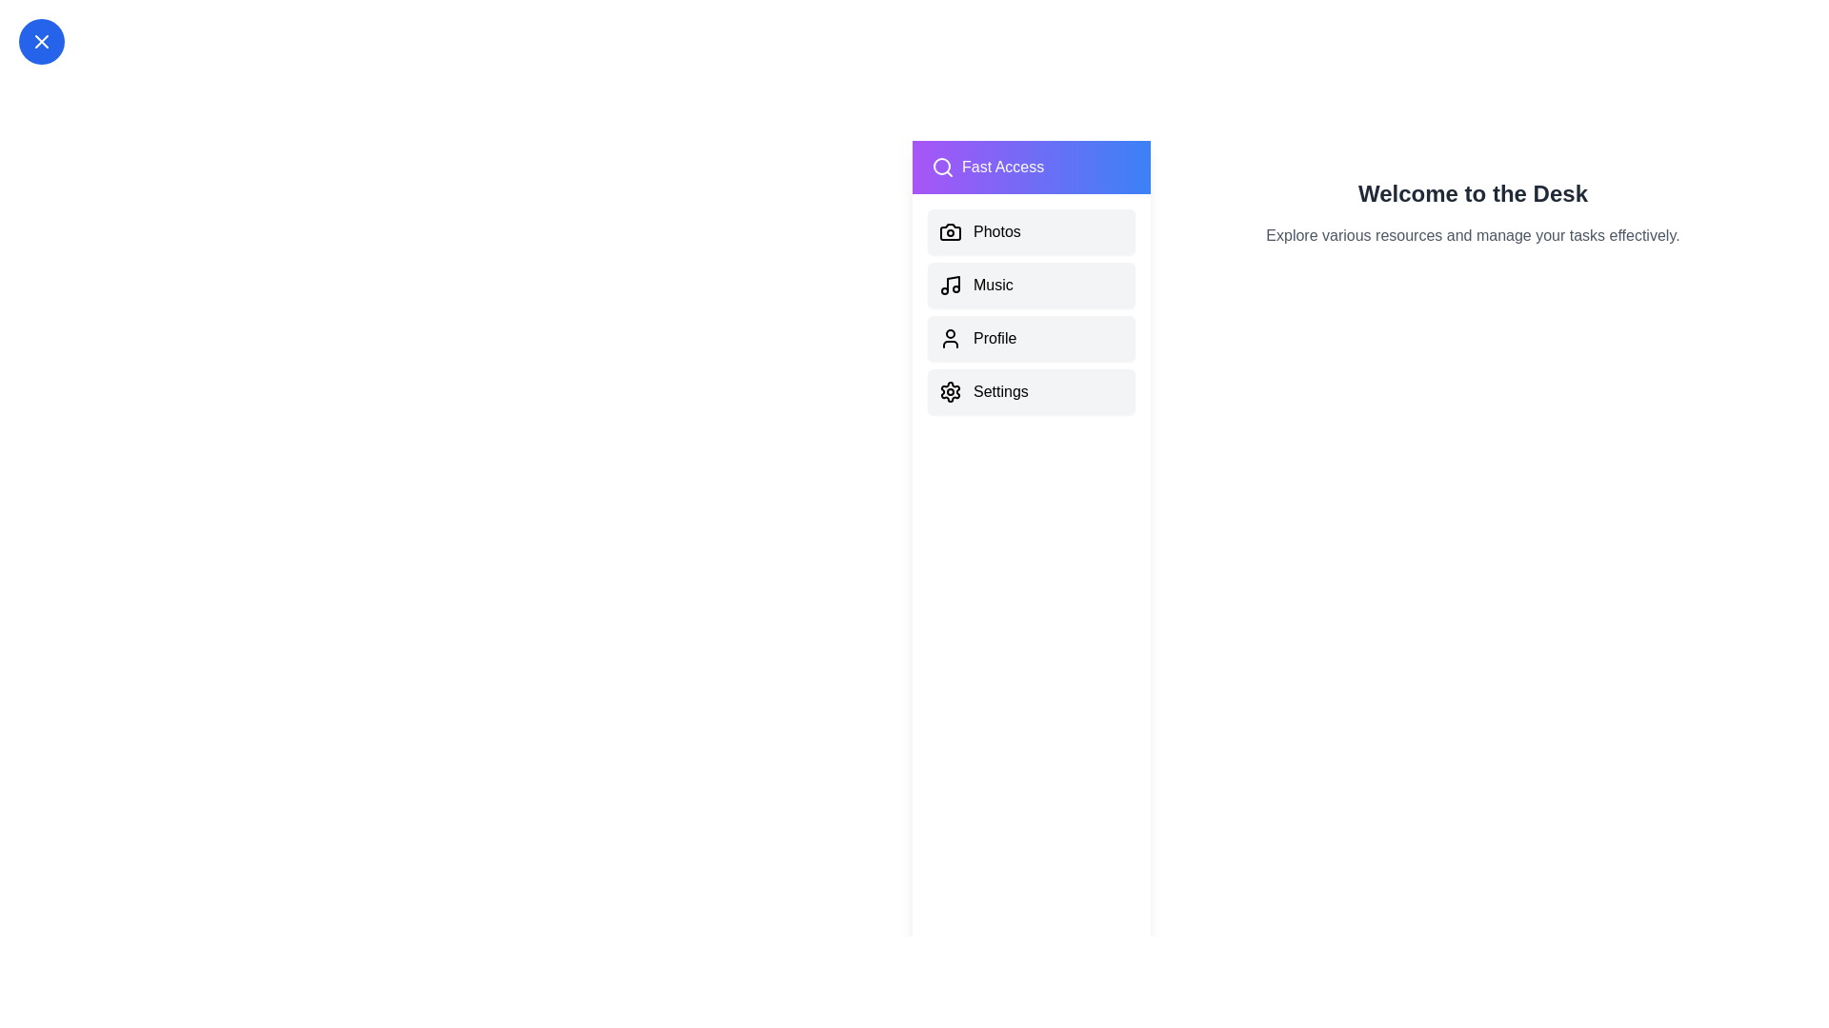 The image size is (1829, 1028). I want to click on the search icon in the drawer header, so click(942, 167).